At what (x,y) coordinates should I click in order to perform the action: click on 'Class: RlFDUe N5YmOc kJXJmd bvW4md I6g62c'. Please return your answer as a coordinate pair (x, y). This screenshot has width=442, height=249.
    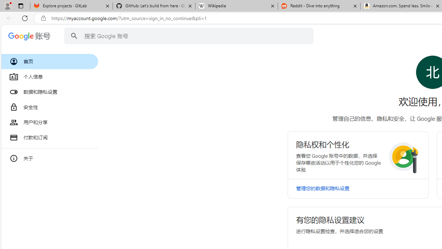
    Looking at the image, I should click on (358, 155).